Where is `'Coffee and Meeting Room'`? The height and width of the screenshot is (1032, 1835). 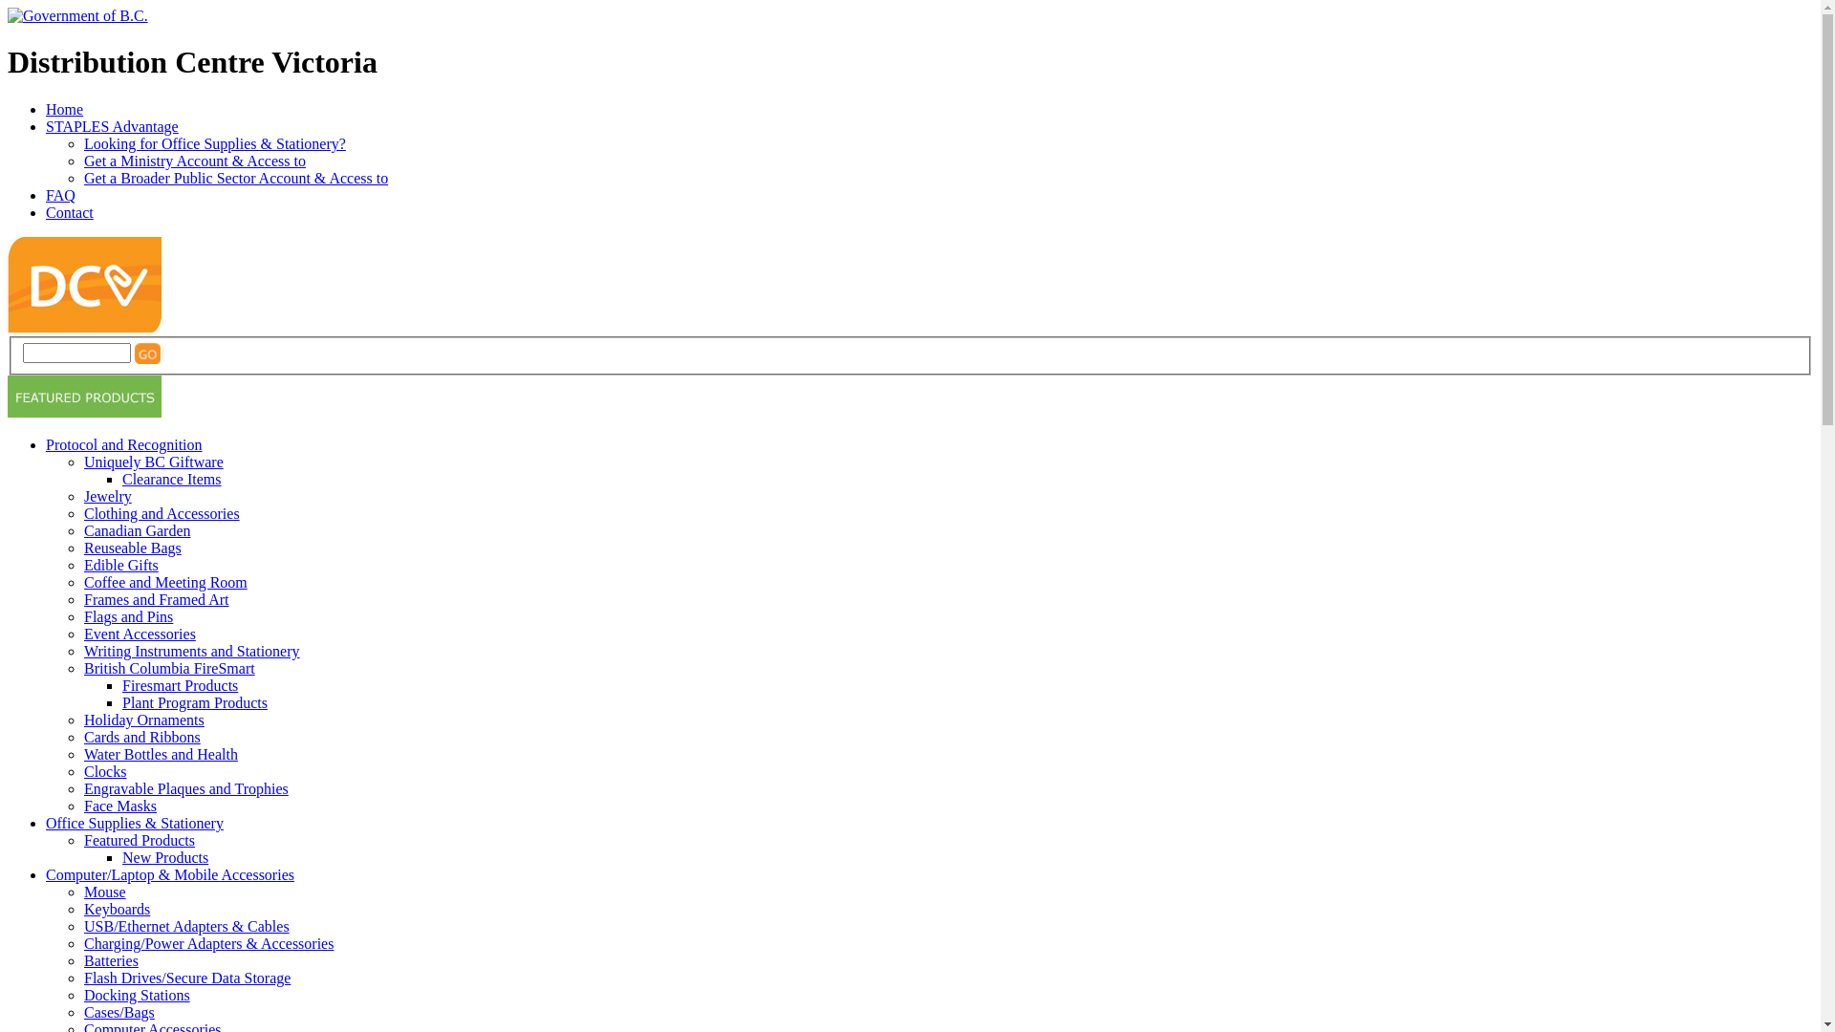
'Coffee and Meeting Room' is located at coordinates (165, 581).